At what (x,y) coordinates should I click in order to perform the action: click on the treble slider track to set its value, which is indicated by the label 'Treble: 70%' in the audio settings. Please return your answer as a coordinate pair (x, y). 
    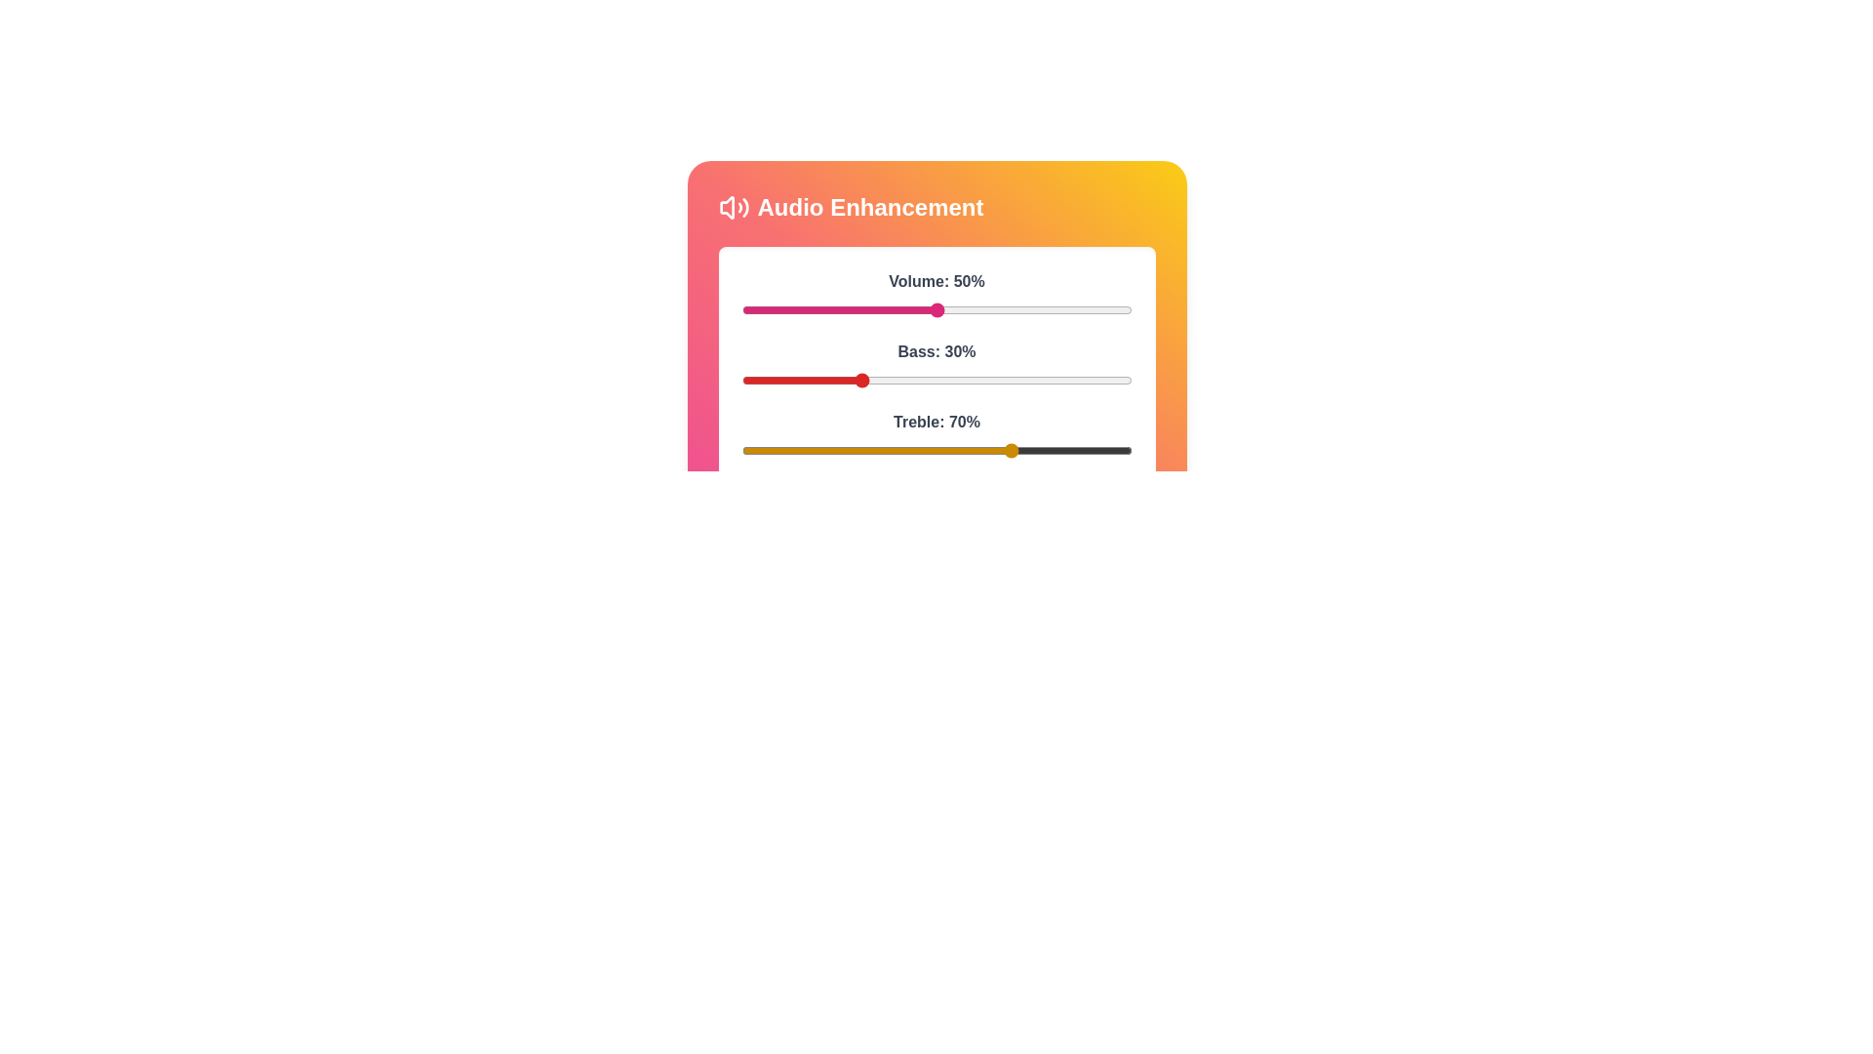
    Looking at the image, I should click on (936, 451).